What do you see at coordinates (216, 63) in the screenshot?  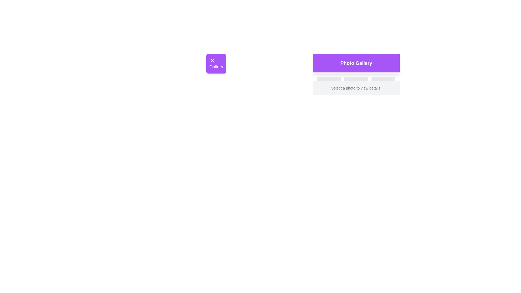 I see `the toggle button to change the drawer's state` at bounding box center [216, 63].